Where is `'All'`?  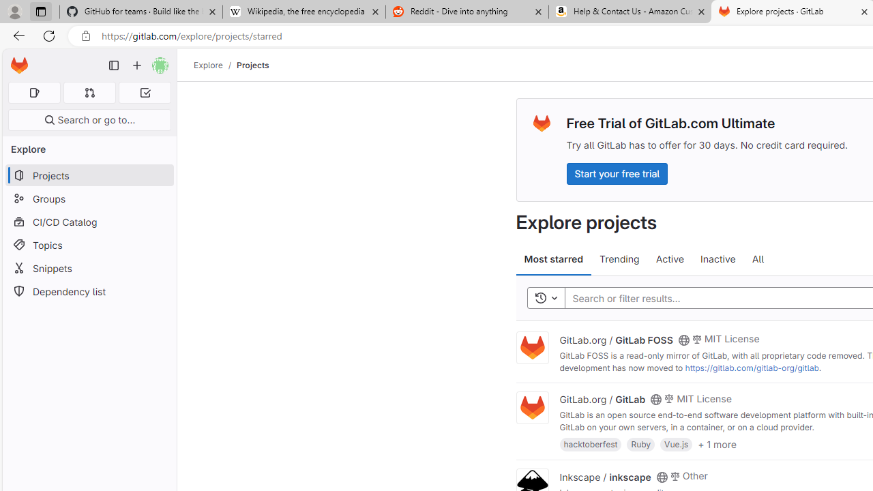
'All' is located at coordinates (757, 259).